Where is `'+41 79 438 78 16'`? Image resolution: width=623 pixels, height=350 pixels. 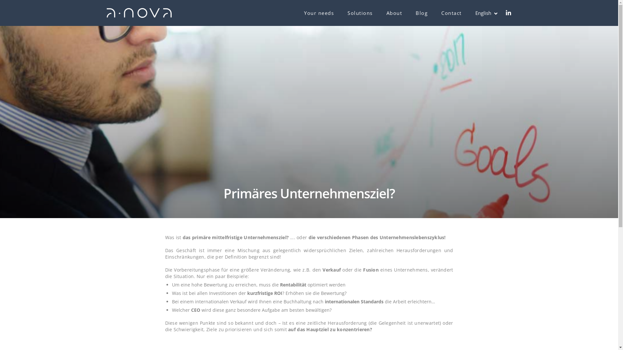
'+41 79 438 78 16' is located at coordinates (136, 261).